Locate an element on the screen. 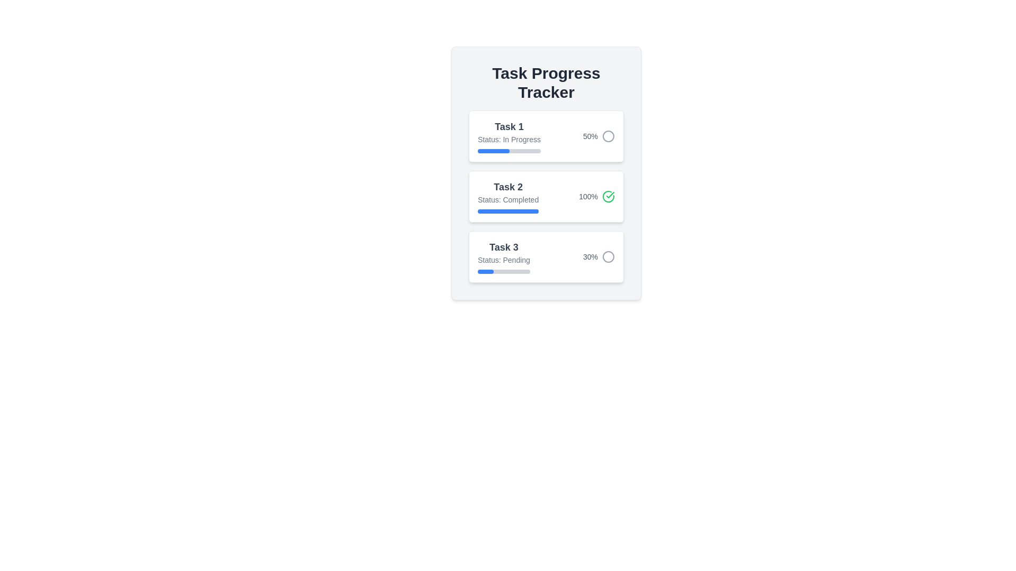 The width and height of the screenshot is (1016, 571). the progress indicator showing '30%' within the card labeled 'Task 3' is located at coordinates (599, 257).